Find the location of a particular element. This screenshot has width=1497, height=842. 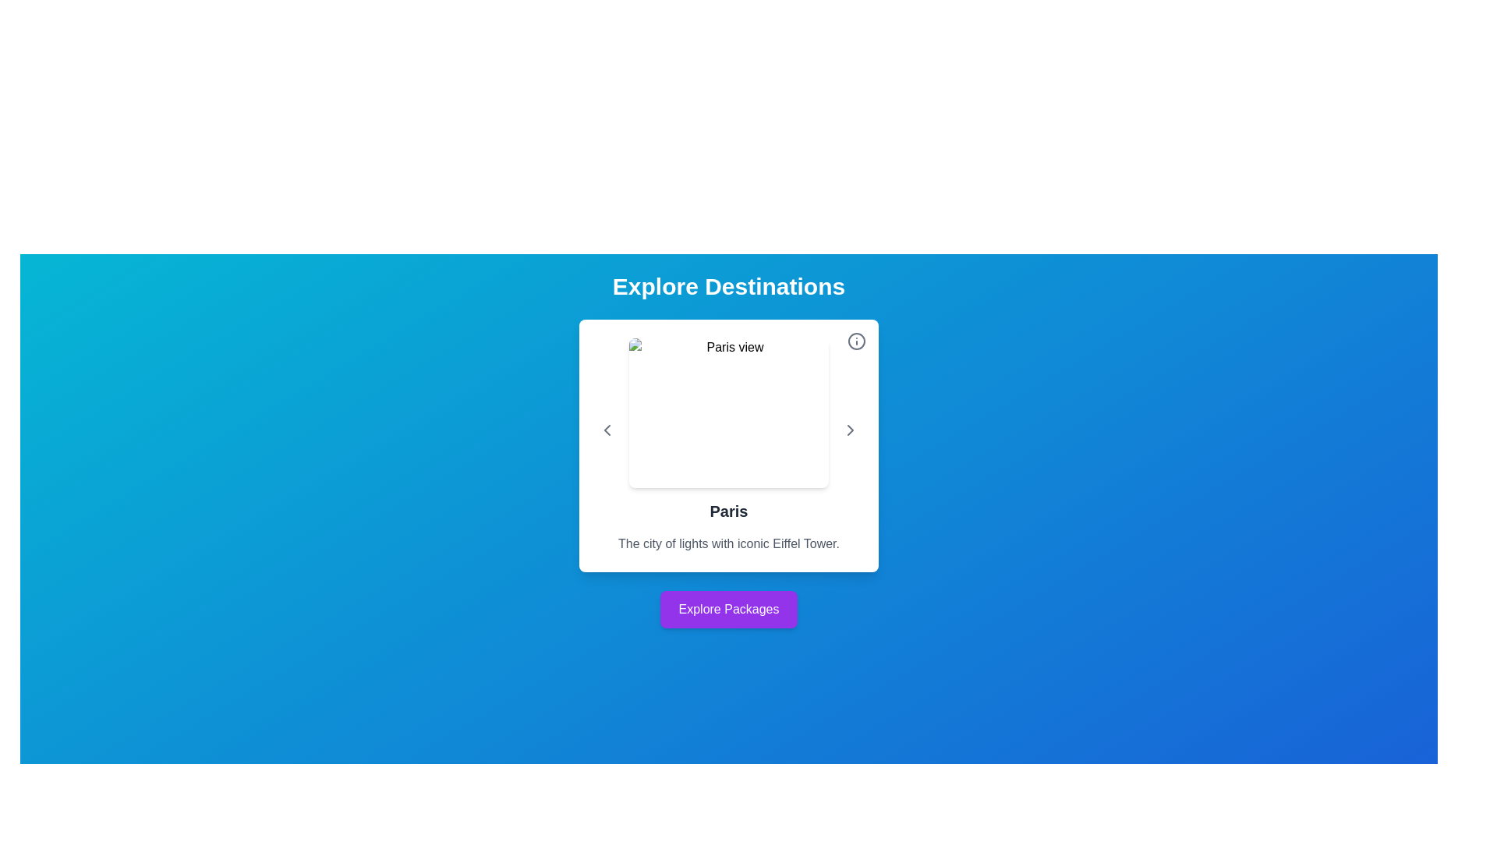

the image representing 'Paris' in the carousel layout is located at coordinates (728, 430).